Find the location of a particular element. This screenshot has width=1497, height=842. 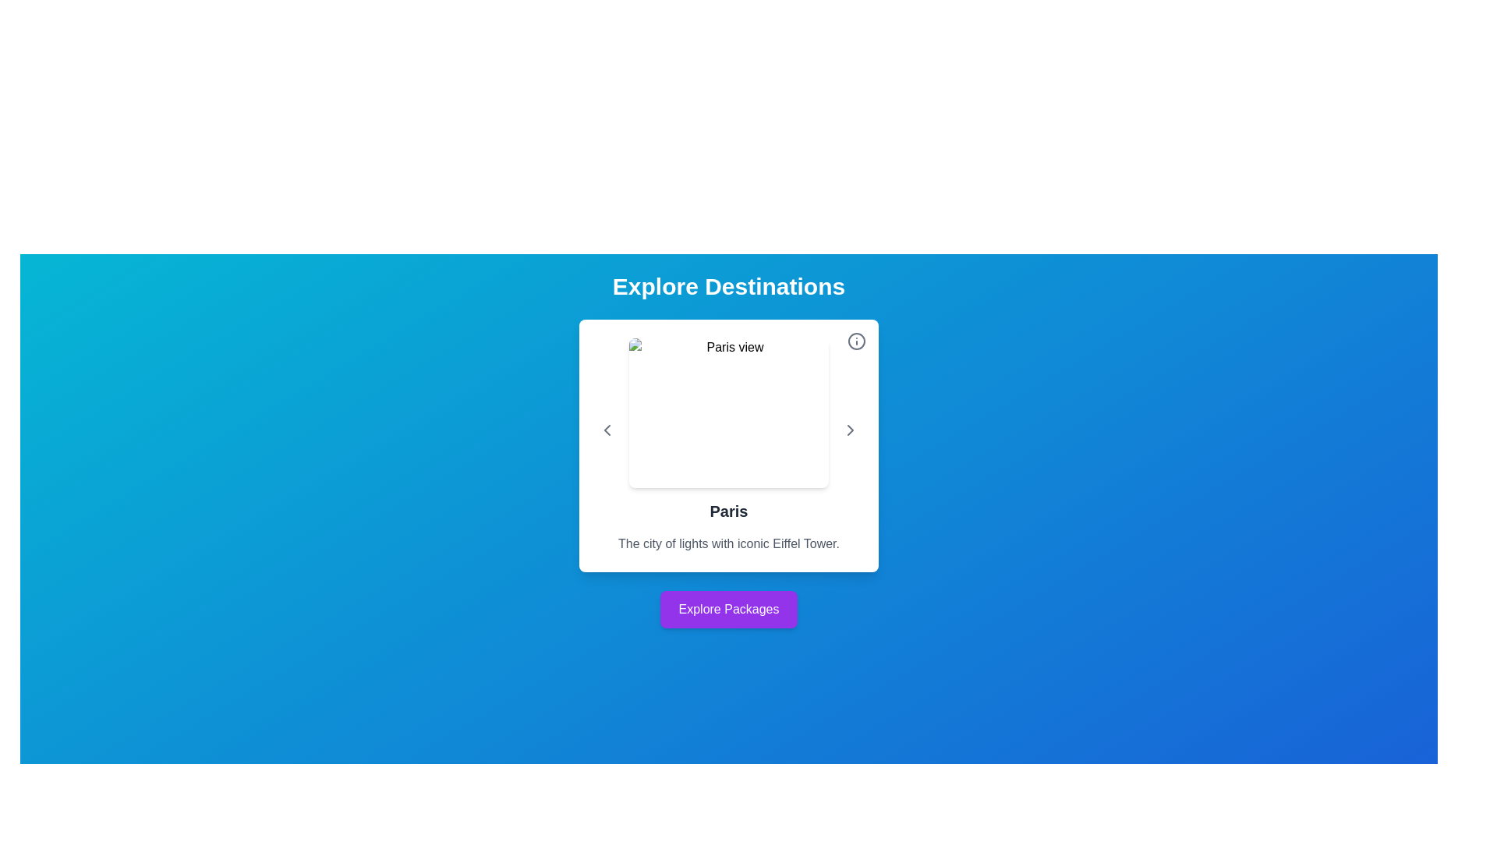

the image representing 'Paris' in the carousel layout is located at coordinates (728, 430).